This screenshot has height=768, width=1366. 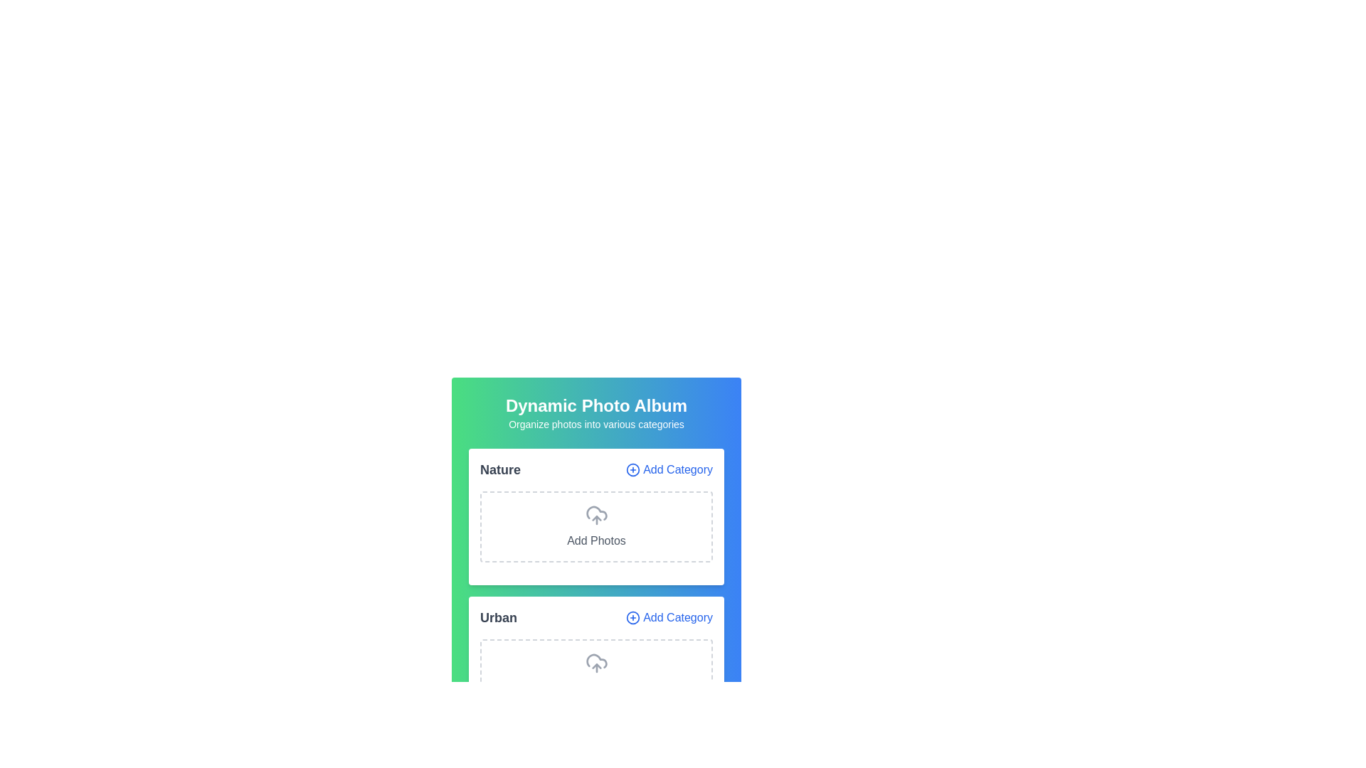 What do you see at coordinates (632, 617) in the screenshot?
I see `the hollow circle icon located on the right side of the 'Urban' section's header` at bounding box center [632, 617].